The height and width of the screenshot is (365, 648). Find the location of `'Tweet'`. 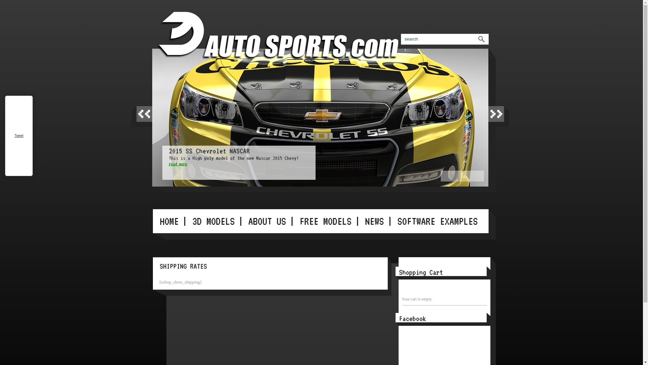

'Tweet' is located at coordinates (19, 136).